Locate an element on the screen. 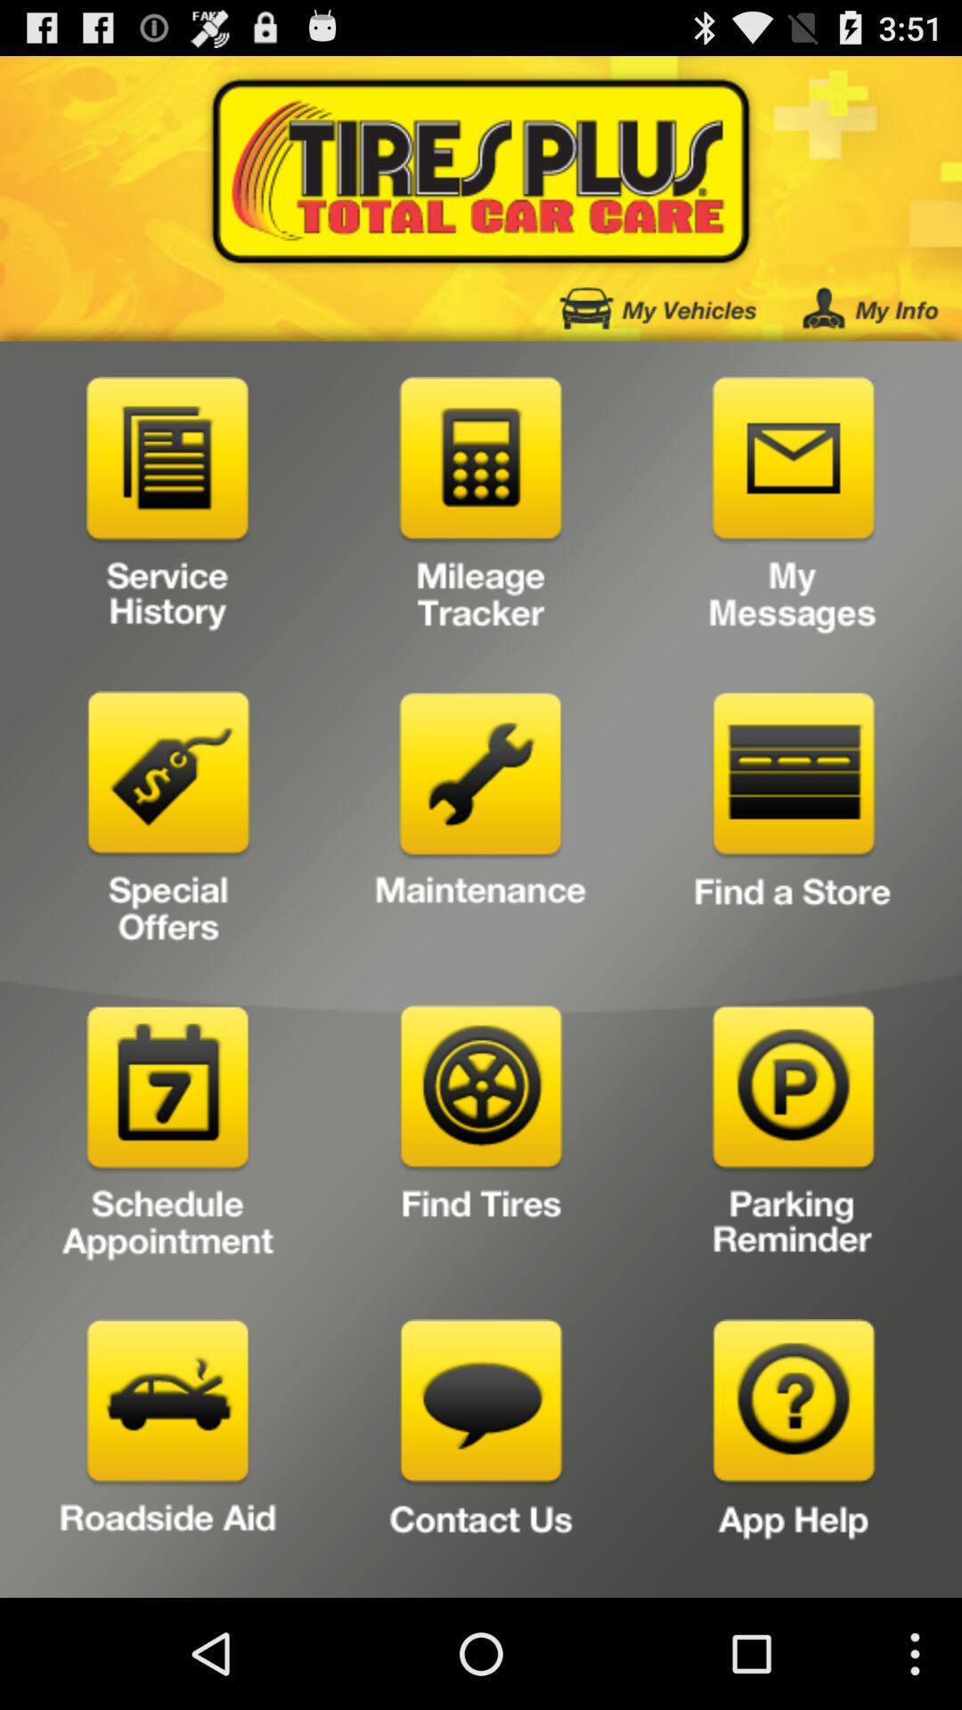 The image size is (962, 1710). mileage tracker option is located at coordinates (481, 509).